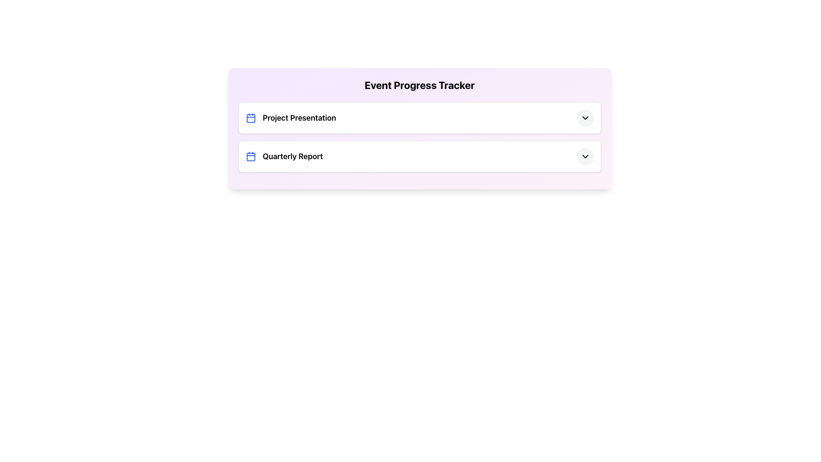 This screenshot has height=462, width=821. Describe the element at coordinates (585, 157) in the screenshot. I see `the circular button with a downward-facing chevron icon` at that location.